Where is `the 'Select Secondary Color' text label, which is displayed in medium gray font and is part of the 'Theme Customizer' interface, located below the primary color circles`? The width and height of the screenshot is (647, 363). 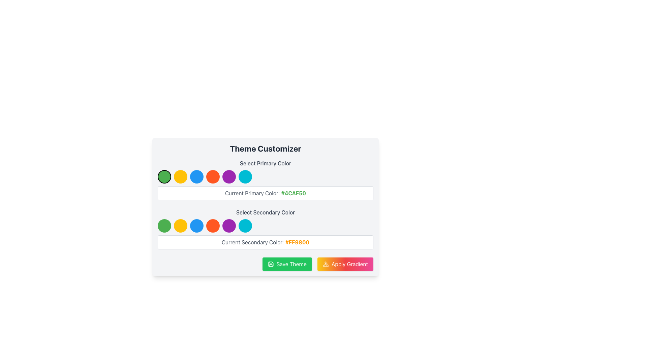 the 'Select Secondary Color' text label, which is displayed in medium gray font and is part of the 'Theme Customizer' interface, located below the primary color circles is located at coordinates (265, 212).